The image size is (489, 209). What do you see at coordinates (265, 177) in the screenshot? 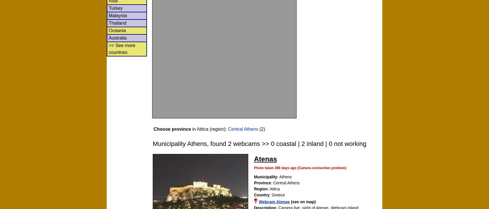
I see `'Municipality'` at bounding box center [265, 177].